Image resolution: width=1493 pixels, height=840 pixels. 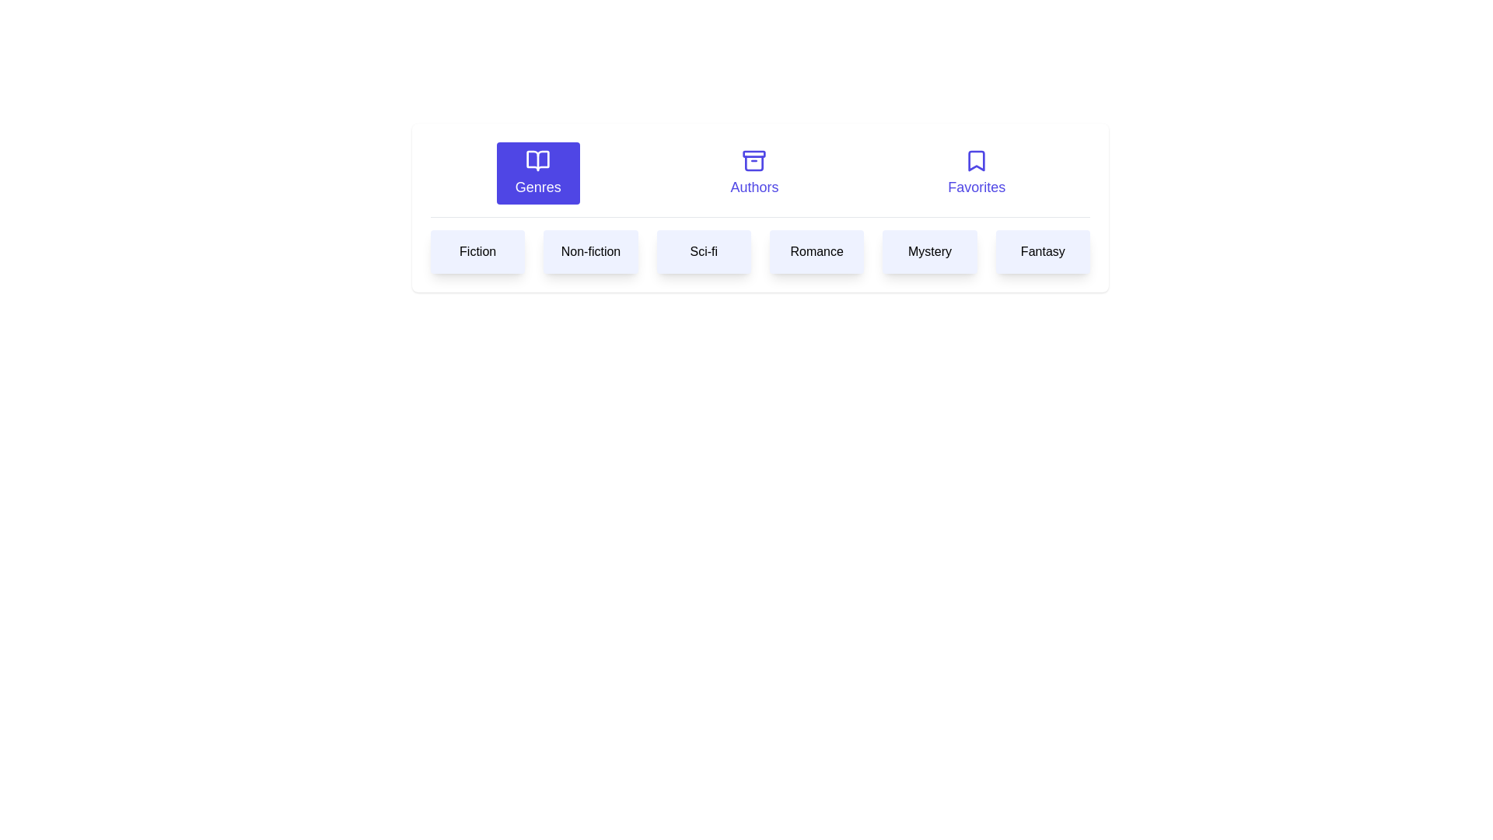 What do you see at coordinates (816, 251) in the screenshot?
I see `the genre tile labeled Romance` at bounding box center [816, 251].